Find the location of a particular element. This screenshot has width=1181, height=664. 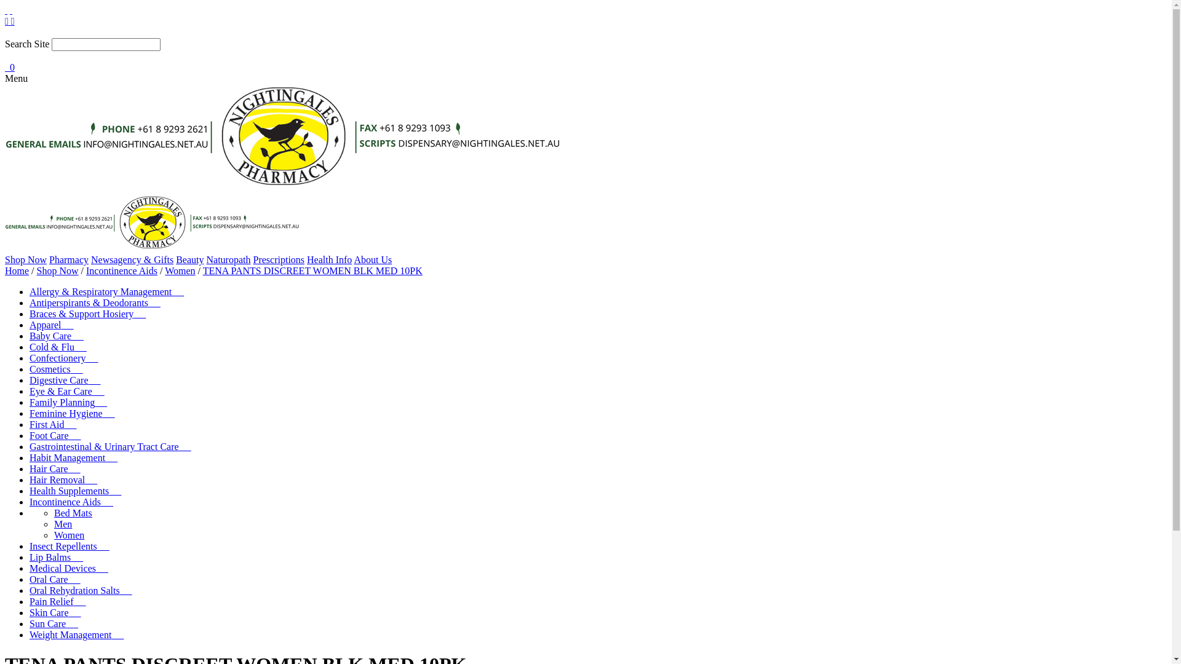

'Oral Rehydration Salts     ' is located at coordinates (80, 590).